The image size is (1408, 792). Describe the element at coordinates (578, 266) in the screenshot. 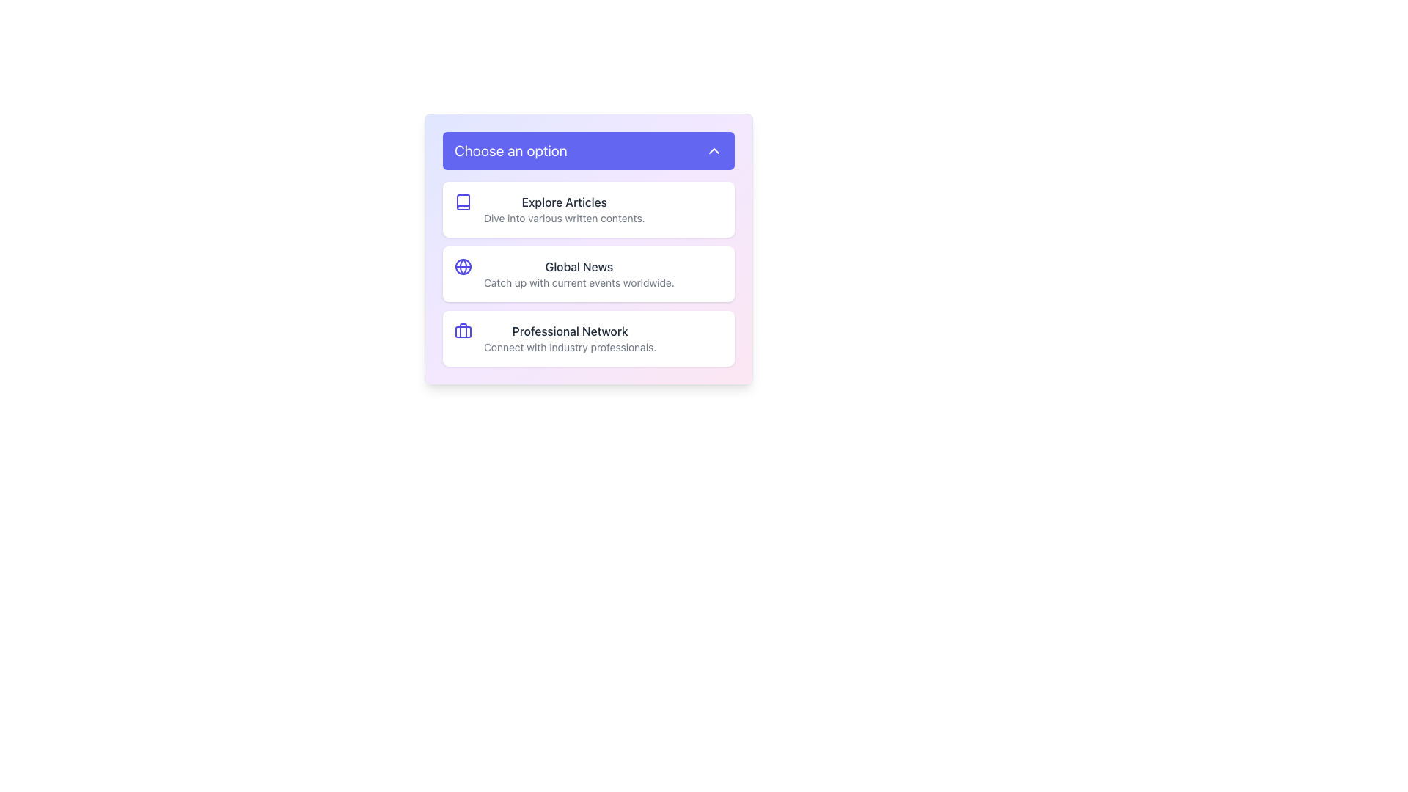

I see `the Text Label located between 'Explore Articles' above and 'Catch up with current events worldwide.' below in the vertical list of choices` at that location.